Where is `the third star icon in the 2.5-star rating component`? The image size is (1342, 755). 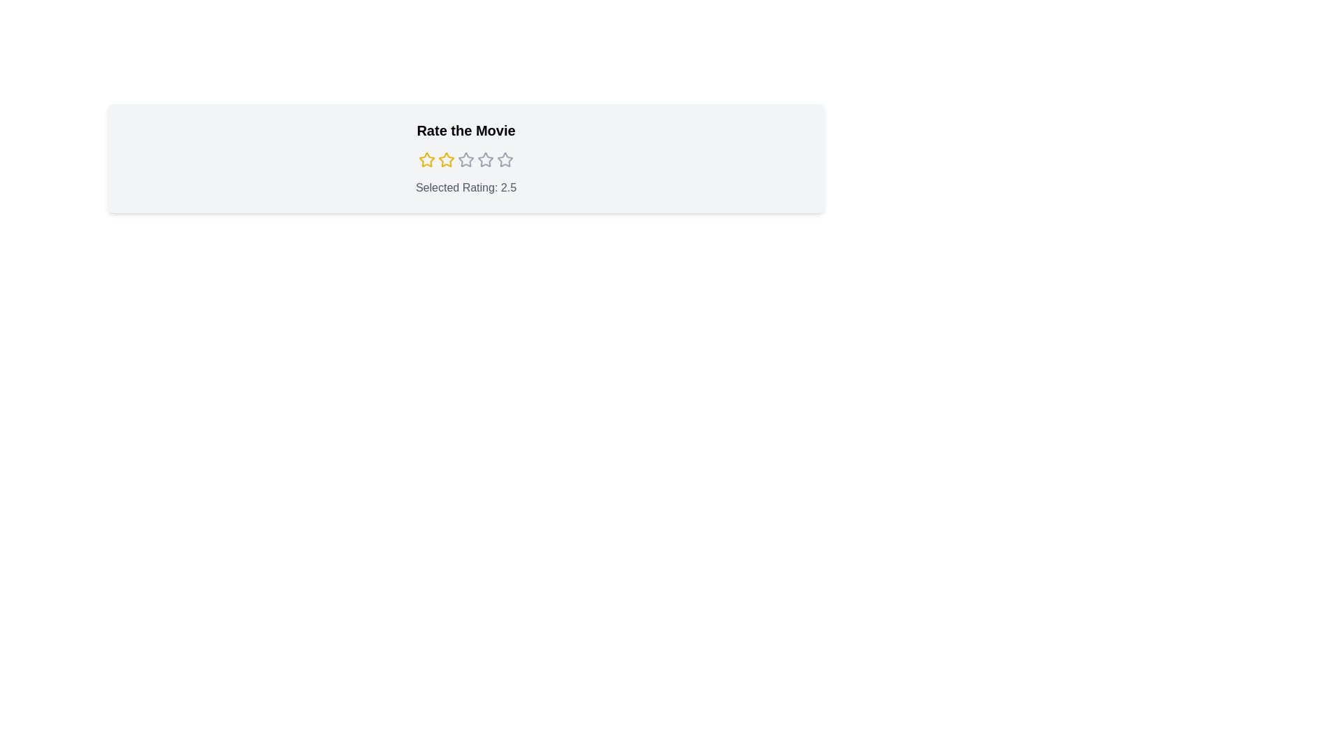 the third star icon in the 2.5-star rating component is located at coordinates (466, 159).